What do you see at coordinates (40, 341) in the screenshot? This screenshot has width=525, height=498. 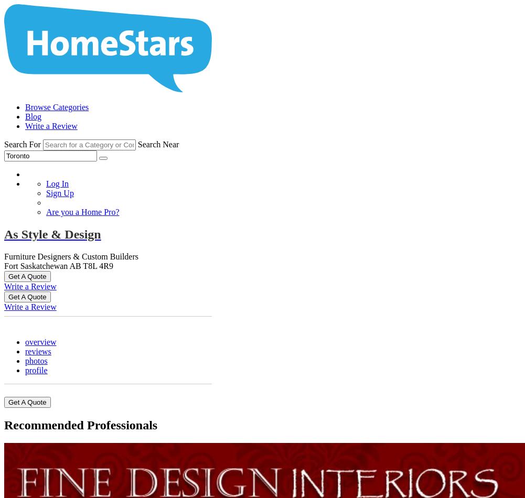 I see `'overview'` at bounding box center [40, 341].